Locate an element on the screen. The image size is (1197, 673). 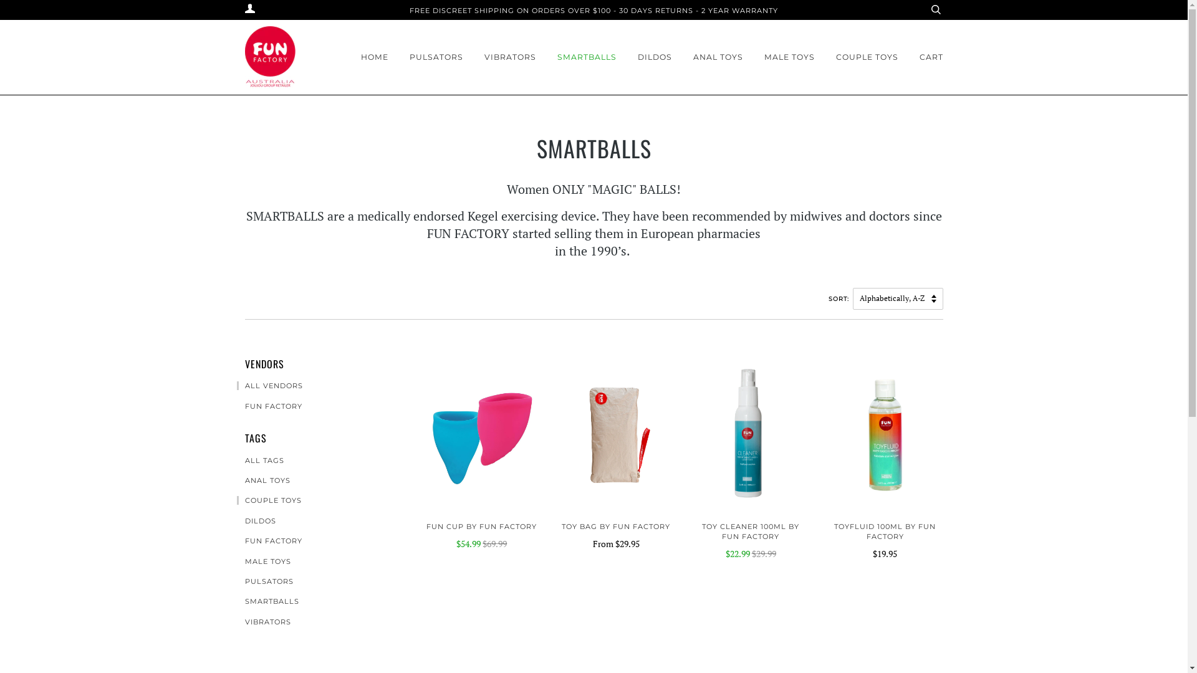
'FUN CUP BY FUN FACTORY is located at coordinates (481, 535).